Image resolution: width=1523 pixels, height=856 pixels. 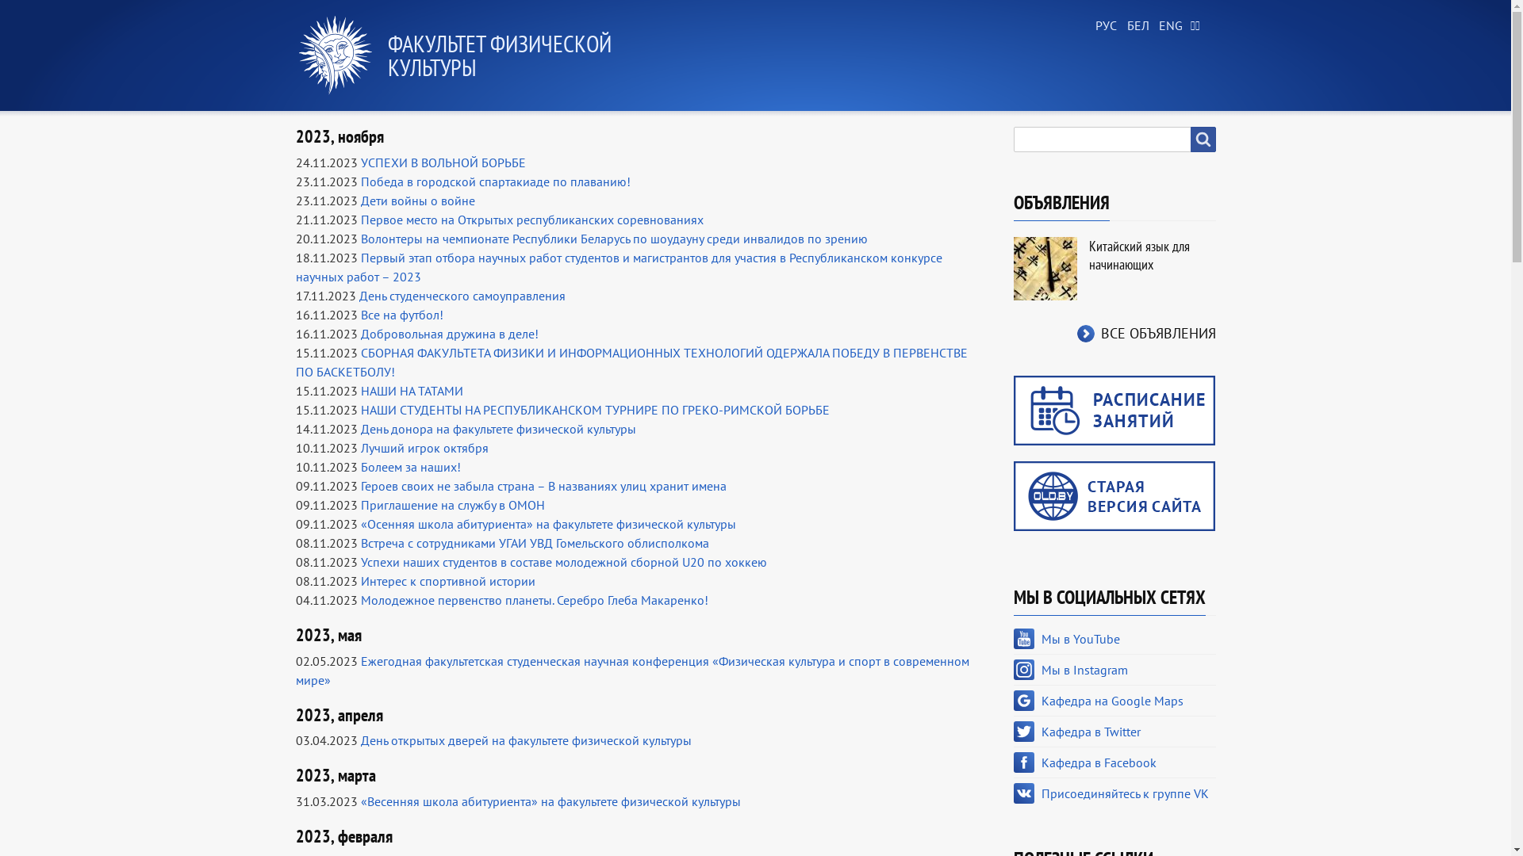 What do you see at coordinates (1203, 139) in the screenshot?
I see `'Search'` at bounding box center [1203, 139].